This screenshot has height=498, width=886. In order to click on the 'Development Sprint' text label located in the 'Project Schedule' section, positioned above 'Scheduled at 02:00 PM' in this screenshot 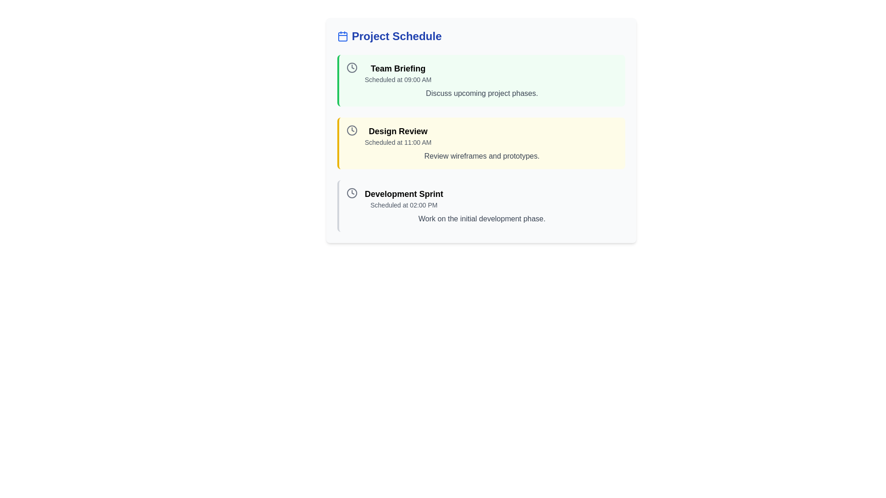, I will do `click(404, 193)`.